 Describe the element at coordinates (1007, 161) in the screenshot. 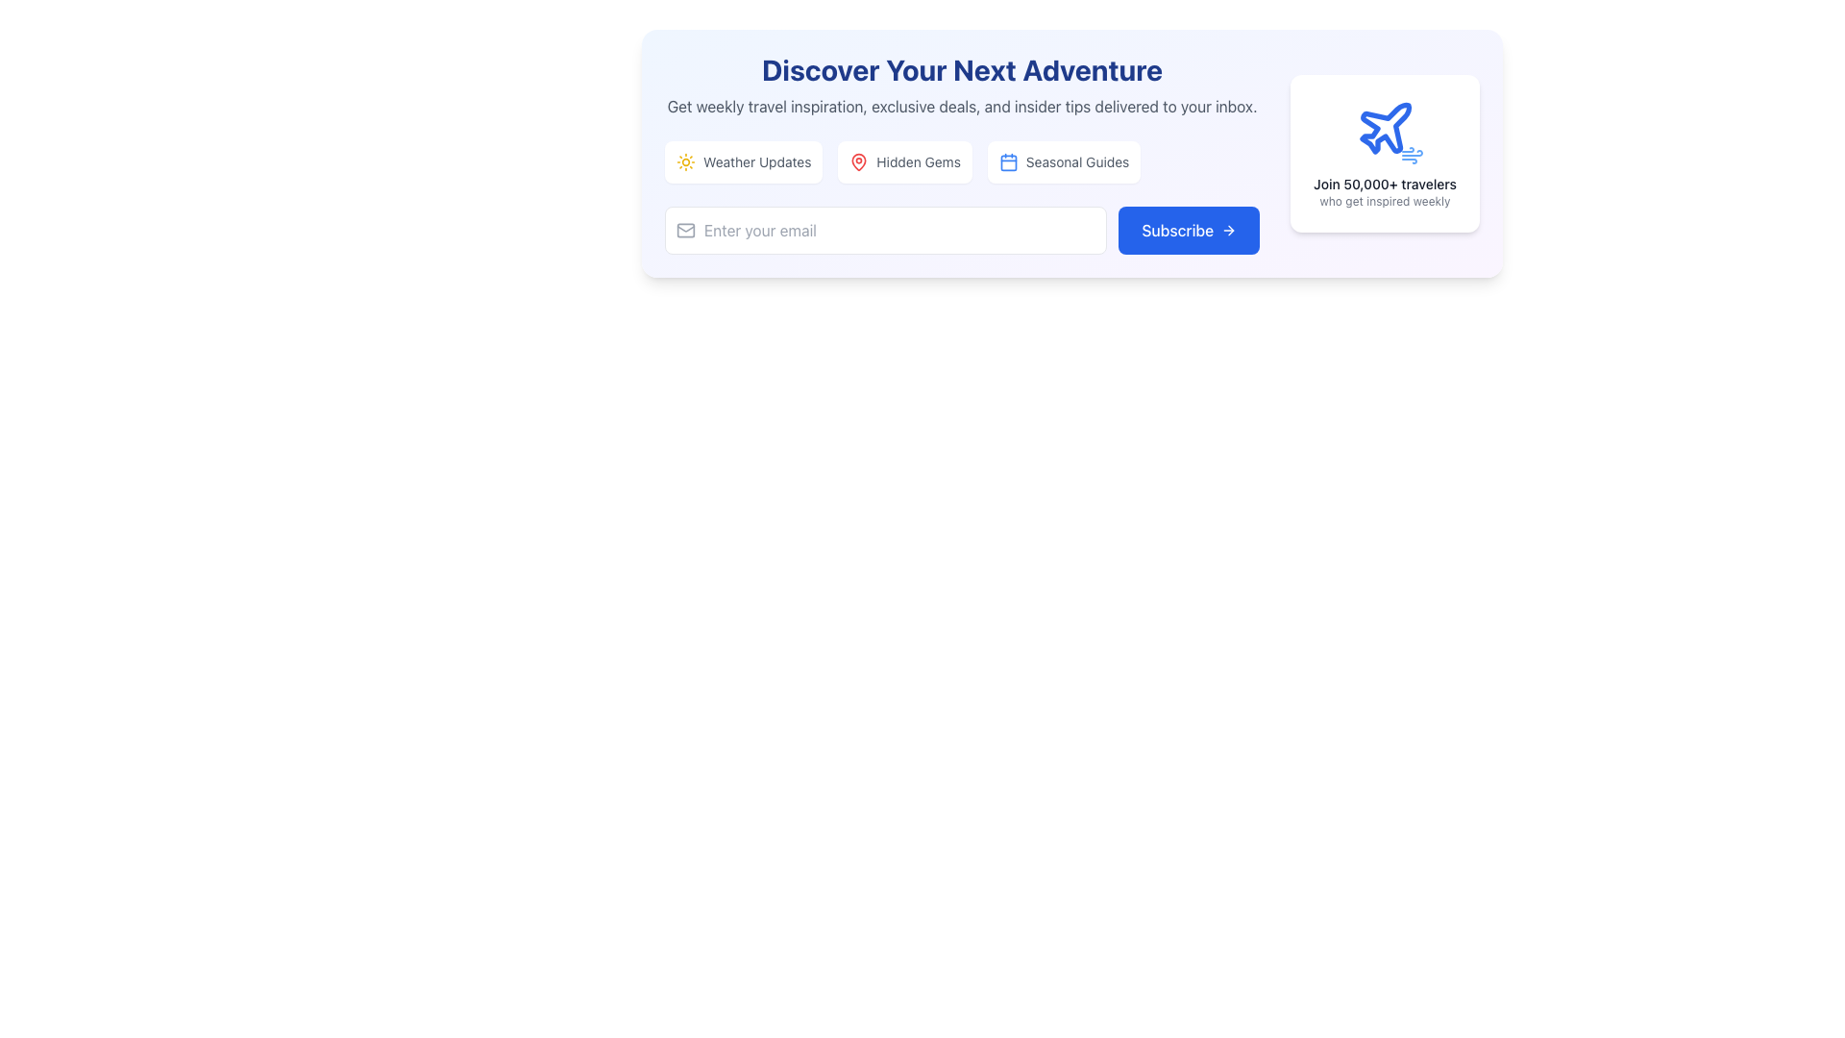

I see `the decorative calendar icon representing a date in the Seasonal Guides category selector, located at the top section of the interface` at that location.